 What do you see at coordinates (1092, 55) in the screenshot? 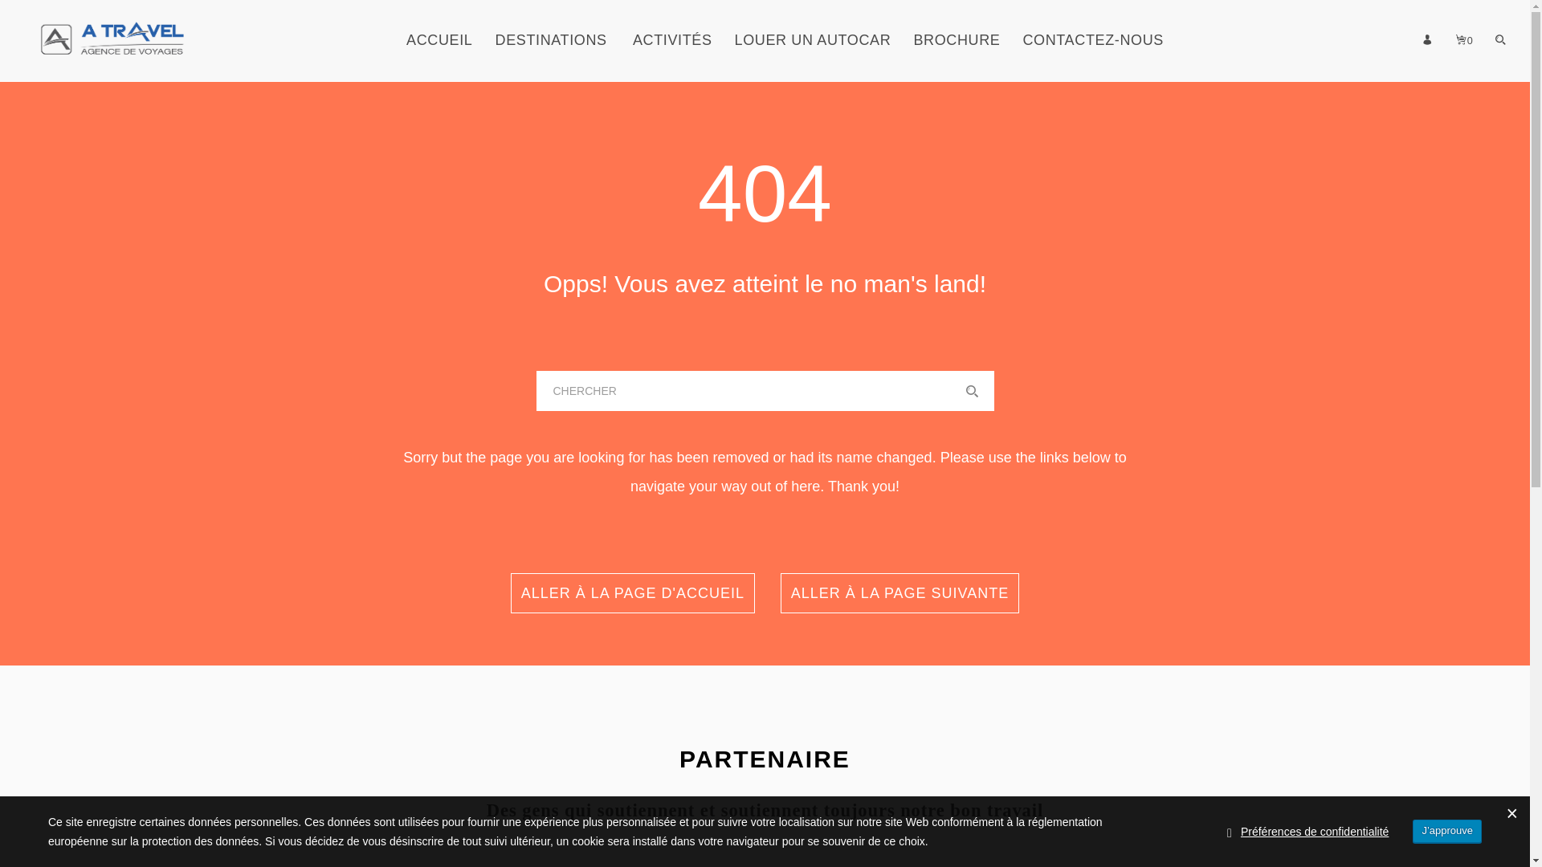
I see `'CONTACTEZ-NOUS'` at bounding box center [1092, 55].